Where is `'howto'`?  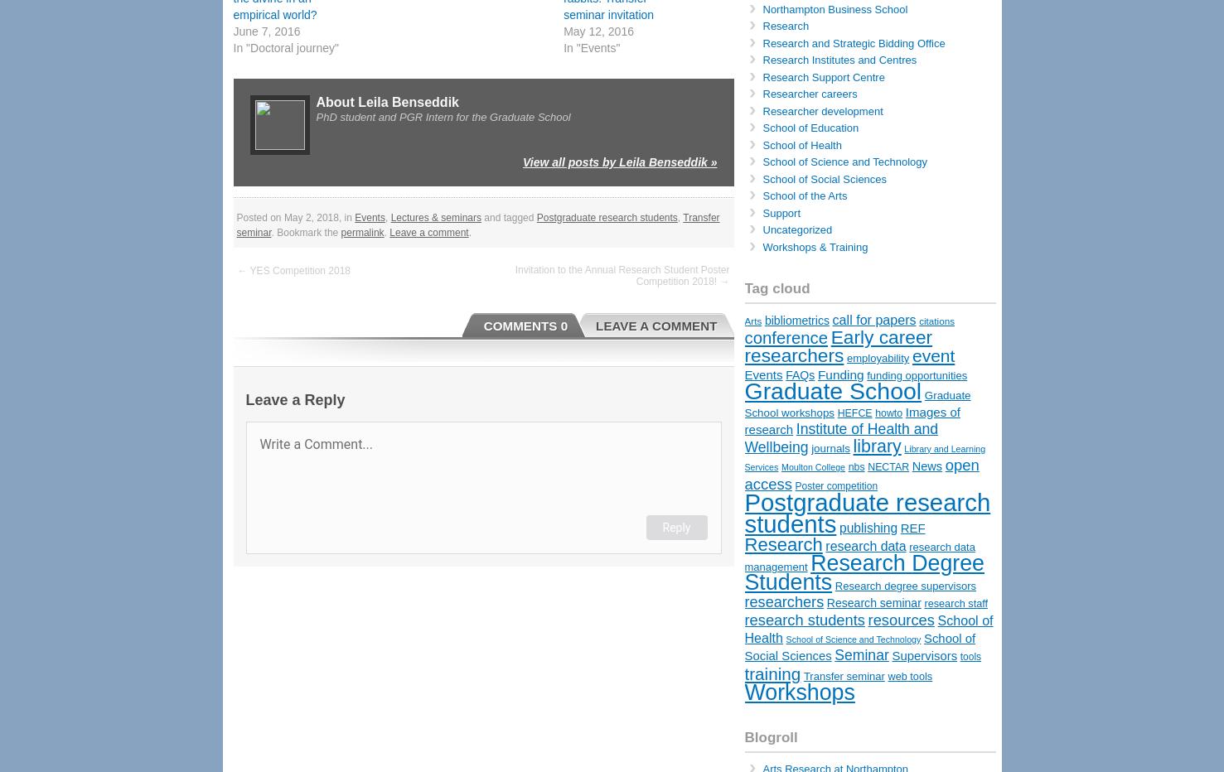
'howto' is located at coordinates (888, 411).